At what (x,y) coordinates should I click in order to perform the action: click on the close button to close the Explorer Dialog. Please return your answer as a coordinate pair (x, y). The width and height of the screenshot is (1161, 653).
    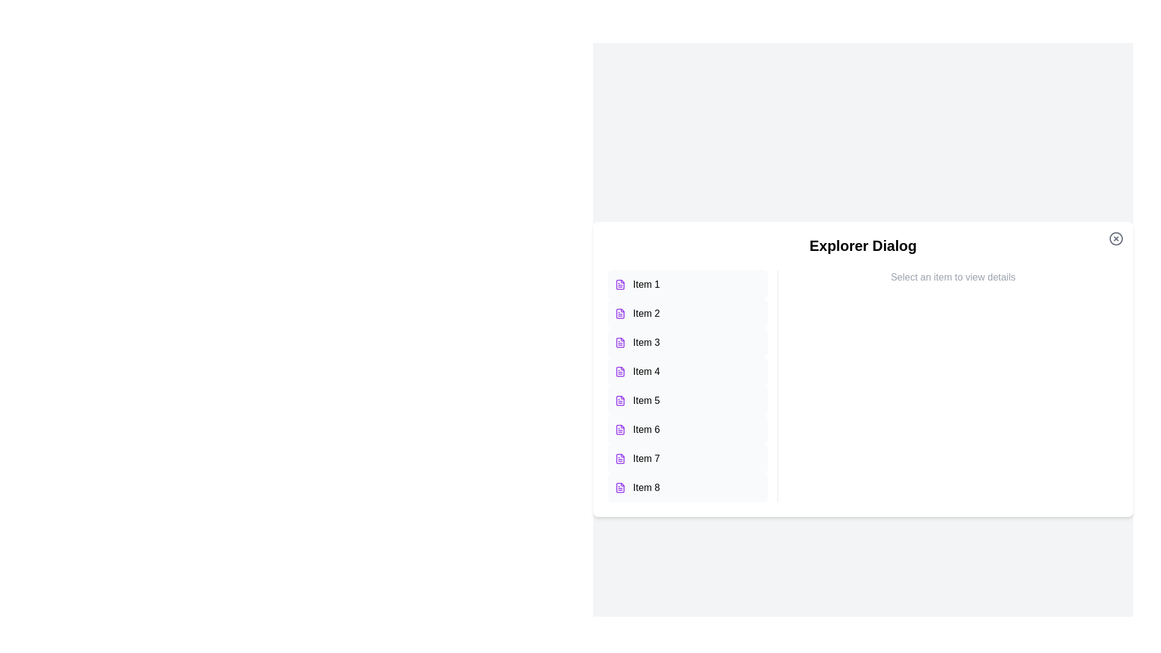
    Looking at the image, I should click on (1116, 238).